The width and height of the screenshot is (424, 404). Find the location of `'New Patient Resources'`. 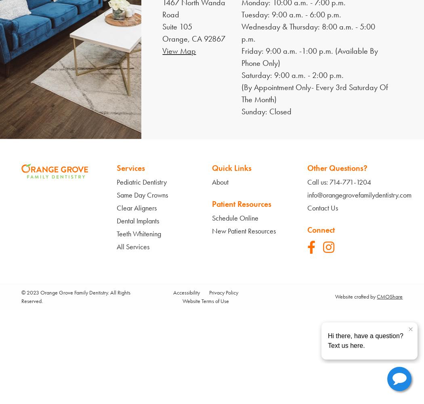

'New Patient Resources' is located at coordinates (243, 230).